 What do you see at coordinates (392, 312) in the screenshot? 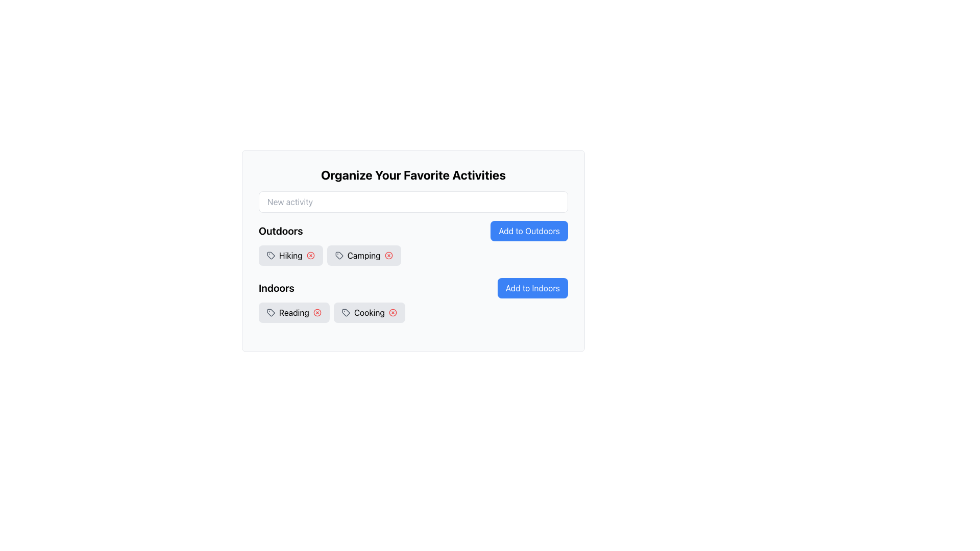
I see `the red circular icon with a cross inside, located to the right of the 'Cooking' text` at bounding box center [392, 312].